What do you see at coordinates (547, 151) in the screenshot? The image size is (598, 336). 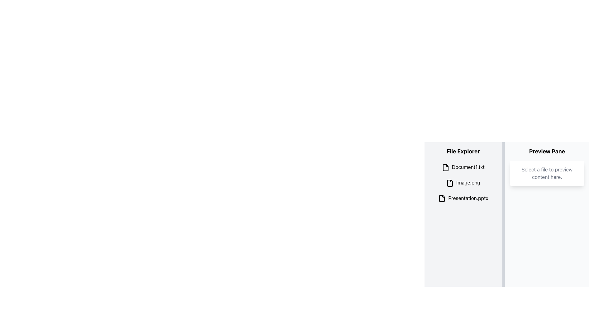 I see `the Text label that indicates the purpose of the panel as the preview area for selected file content, located at the top of the right-side panel labeled 'Preview Pane'` at bounding box center [547, 151].